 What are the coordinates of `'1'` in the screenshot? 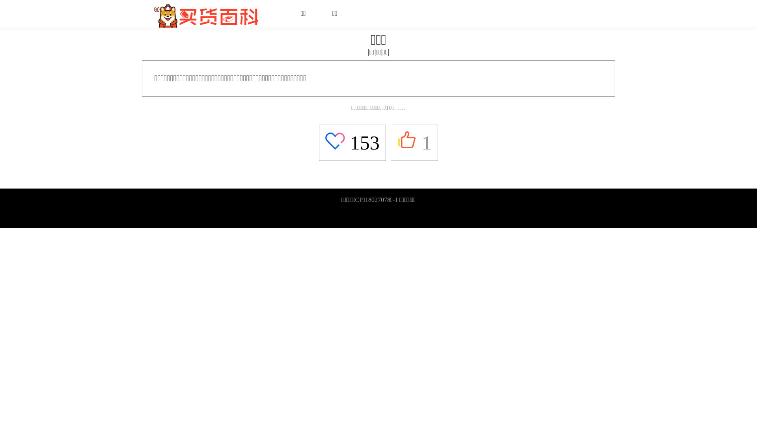 It's located at (397, 143).